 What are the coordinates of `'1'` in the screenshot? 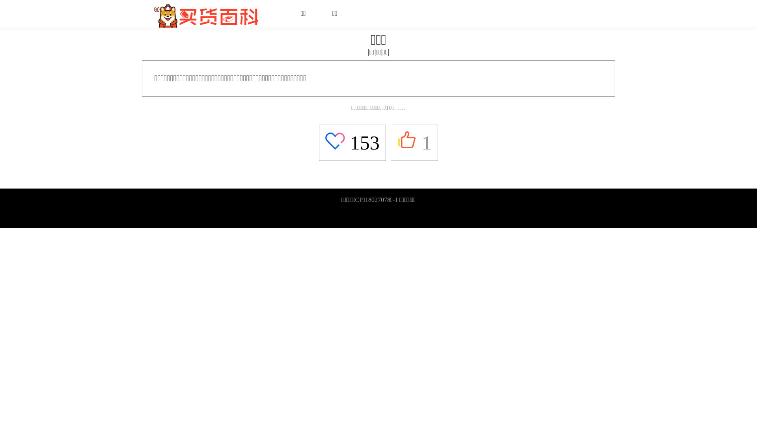 It's located at (397, 143).